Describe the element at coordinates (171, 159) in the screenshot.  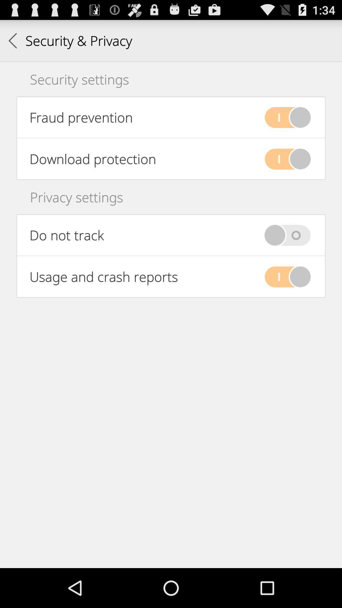
I see `second option` at that location.